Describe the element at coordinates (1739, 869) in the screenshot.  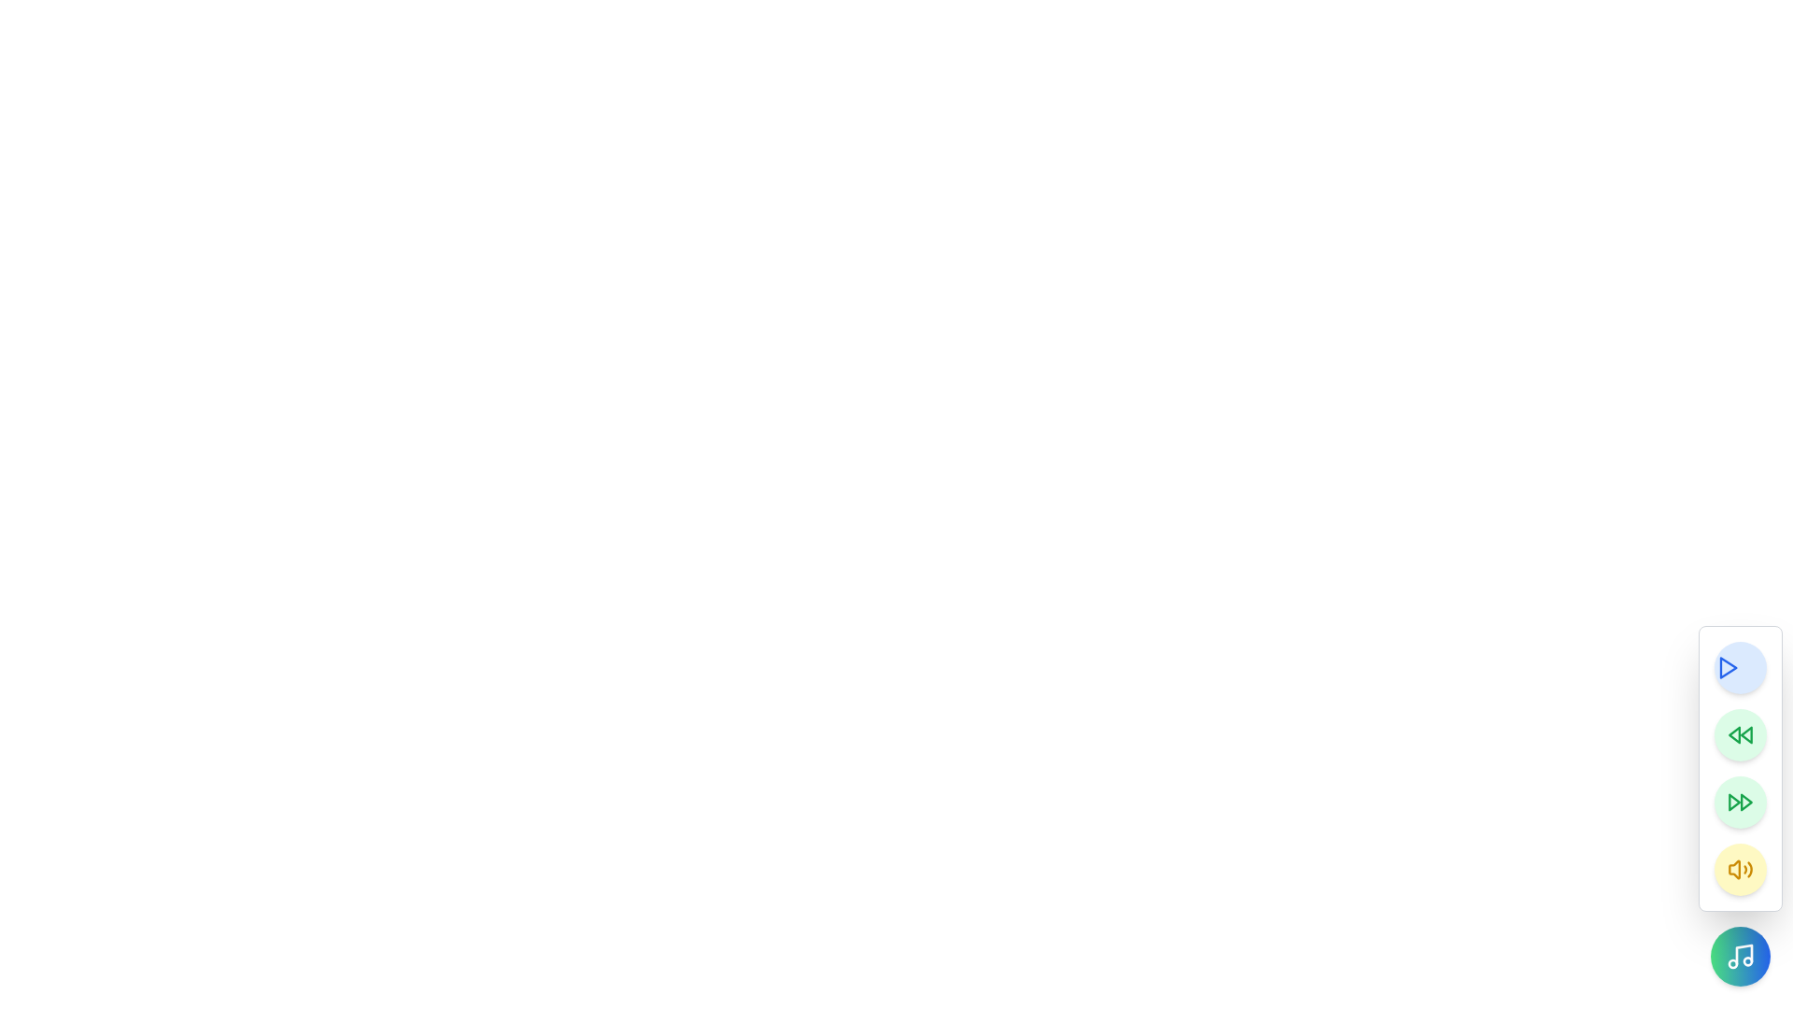
I see `the volume icon, which is a graphical speaker icon with sound waves in a circular button with a yellow background, located in the bottom-right interface area` at that location.